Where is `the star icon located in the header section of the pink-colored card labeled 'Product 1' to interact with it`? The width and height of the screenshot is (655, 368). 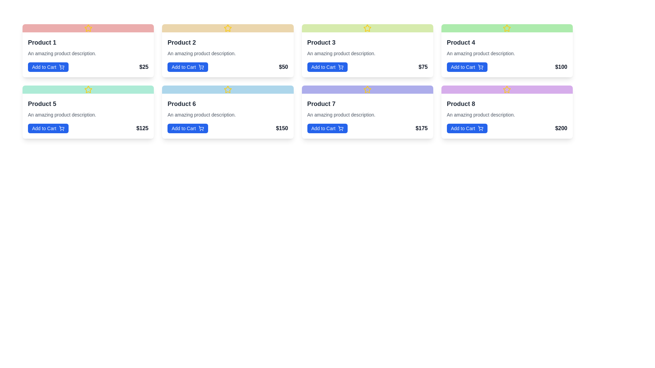 the star icon located in the header section of the pink-colored card labeled 'Product 1' to interact with it is located at coordinates (88, 28).